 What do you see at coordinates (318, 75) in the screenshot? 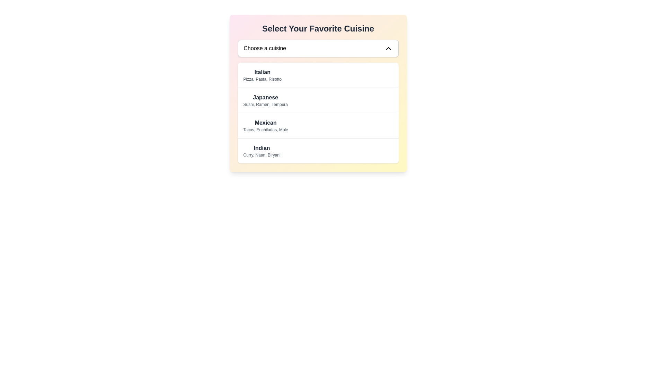
I see `the first item in the cuisine selection menu` at bounding box center [318, 75].